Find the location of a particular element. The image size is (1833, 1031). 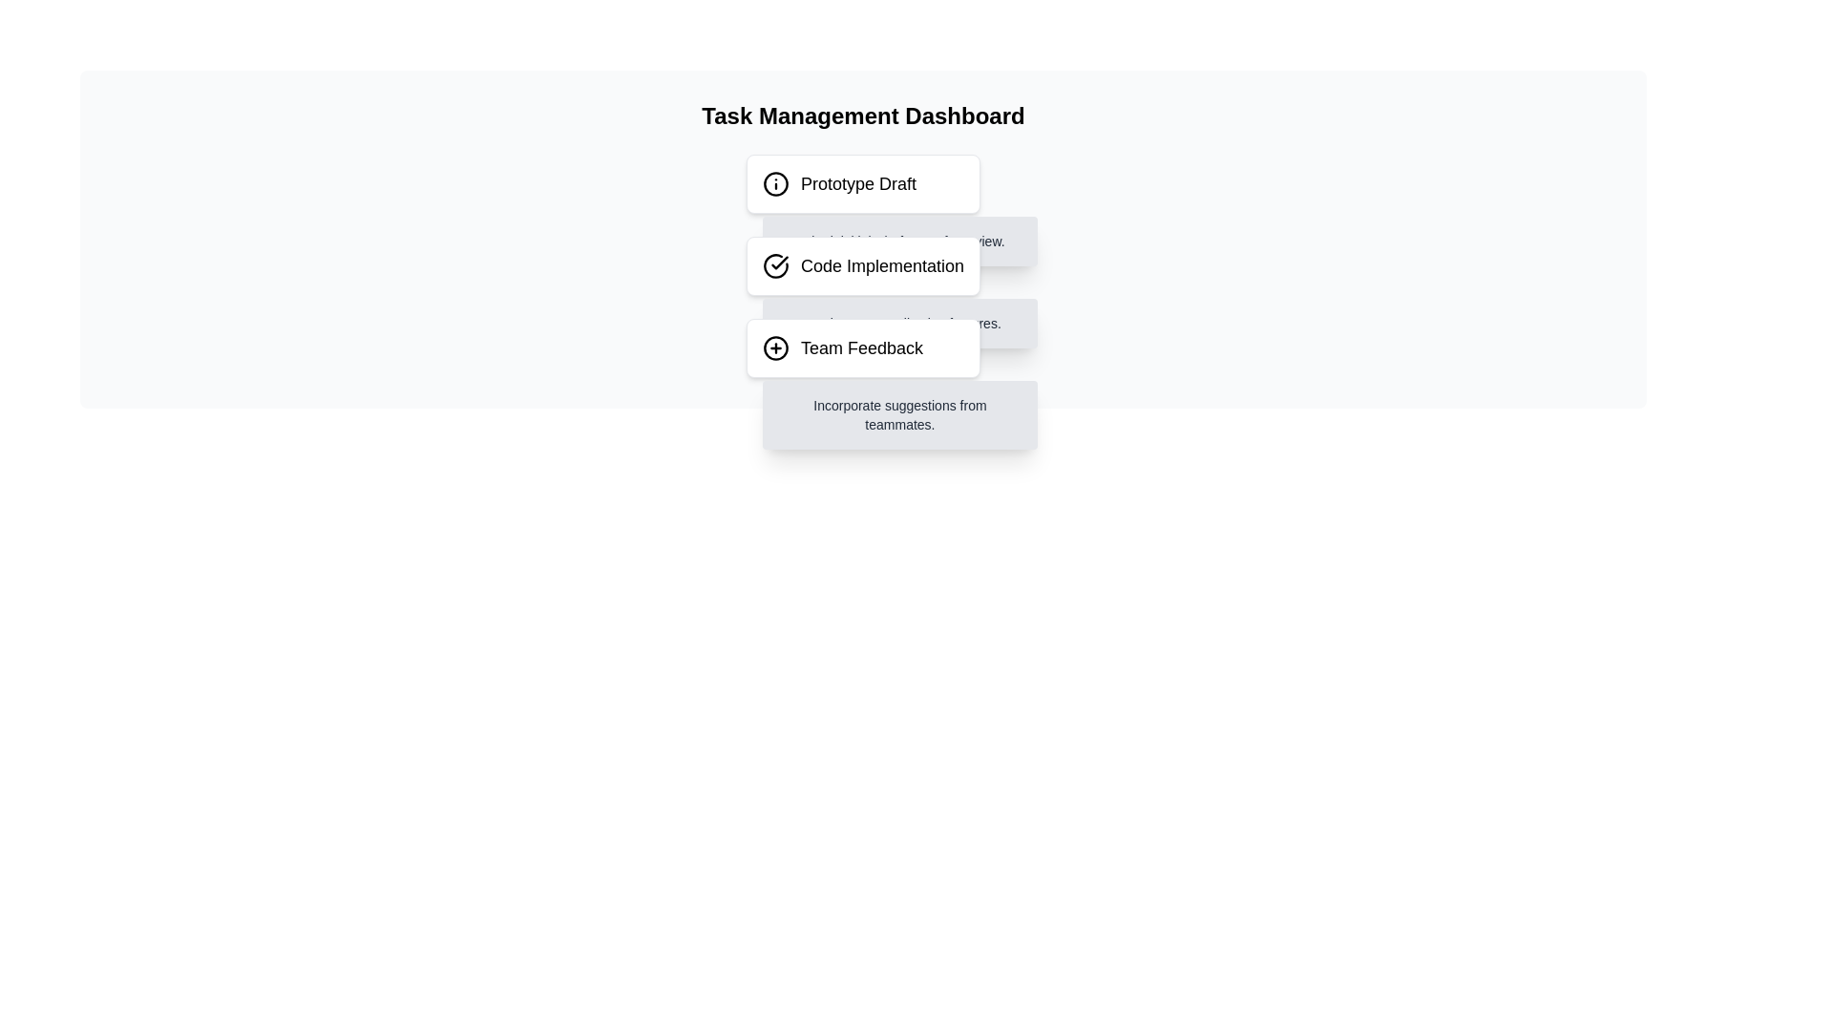

the third card in the vertically stacked list that summarizes or prompts for team feedback is located at coordinates (862, 348).